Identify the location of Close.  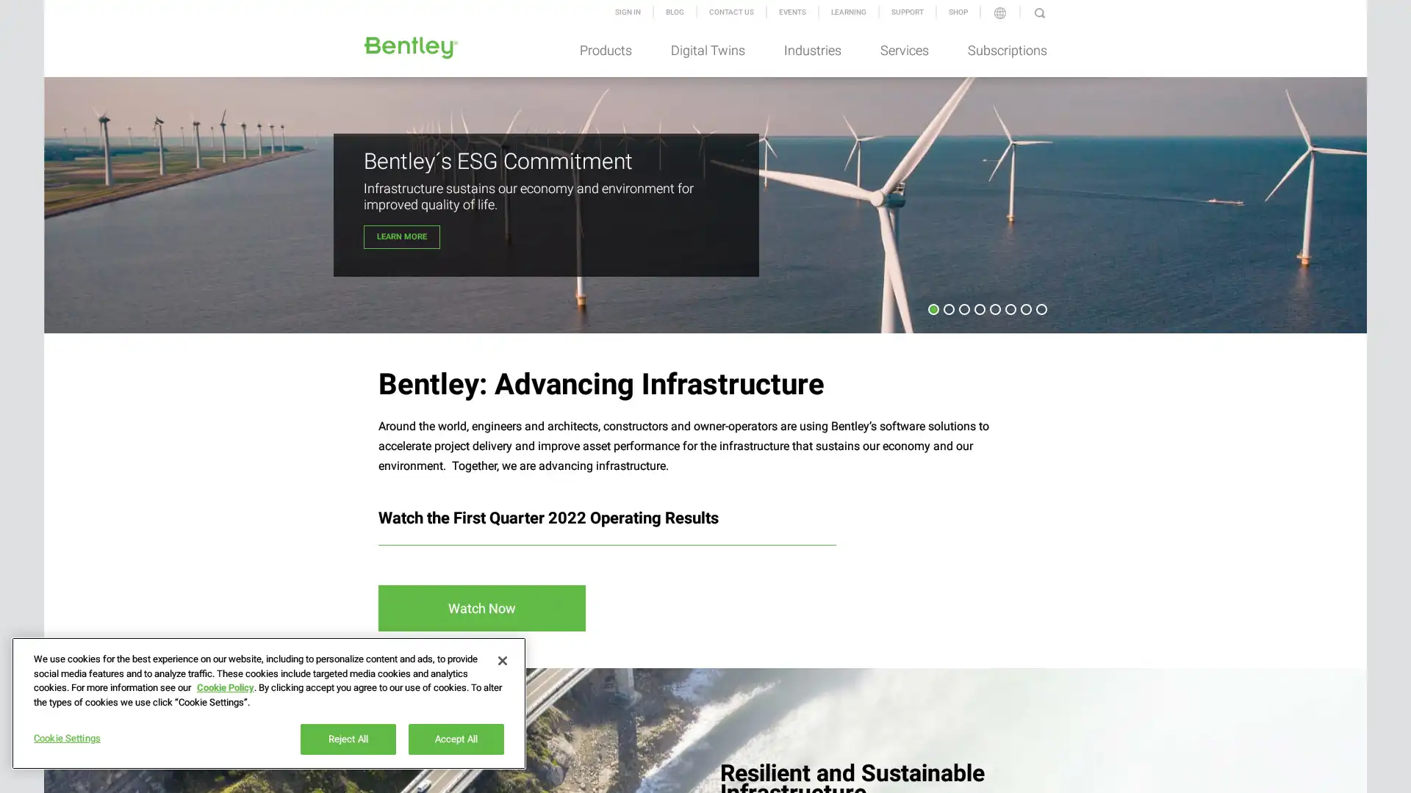
(503, 659).